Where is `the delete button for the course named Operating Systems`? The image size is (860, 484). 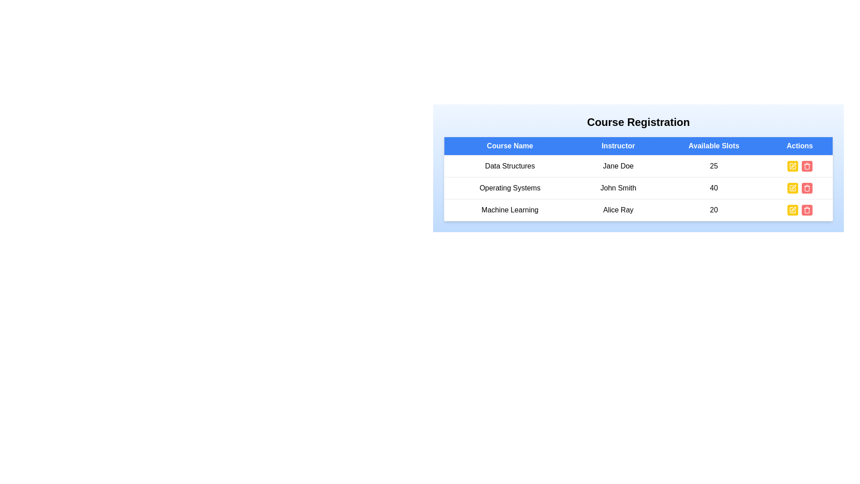
the delete button for the course named Operating Systems is located at coordinates (807, 188).